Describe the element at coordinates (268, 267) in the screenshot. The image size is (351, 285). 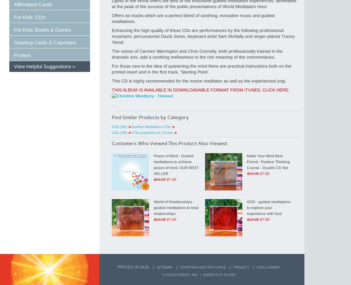
I see `'Disclaimer'` at that location.